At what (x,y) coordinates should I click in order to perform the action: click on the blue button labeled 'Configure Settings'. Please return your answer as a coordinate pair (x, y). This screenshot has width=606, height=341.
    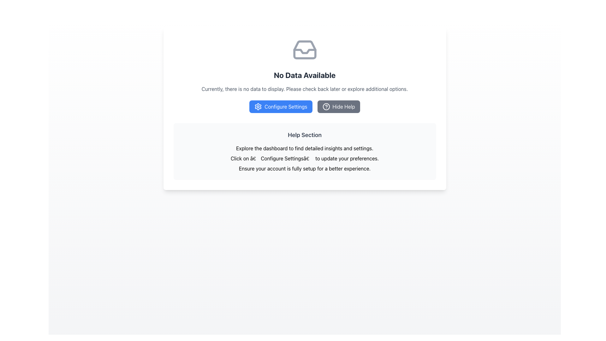
    Looking at the image, I should click on (305, 108).